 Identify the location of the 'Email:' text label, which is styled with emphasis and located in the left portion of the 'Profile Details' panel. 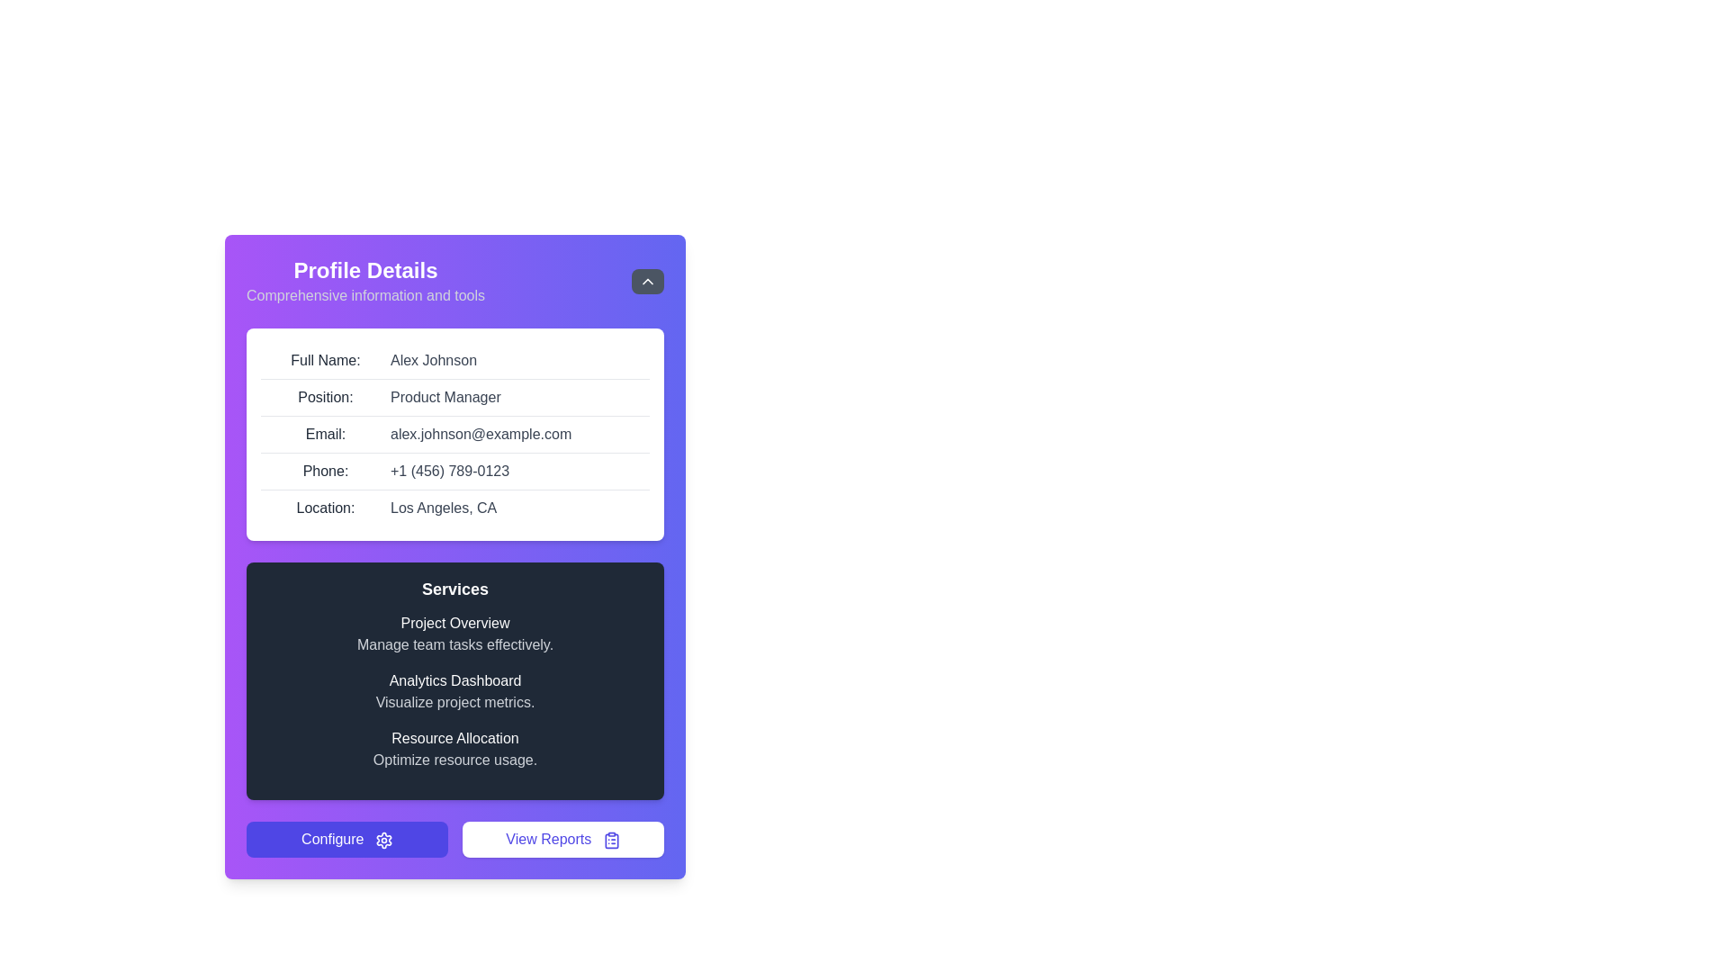
(325, 434).